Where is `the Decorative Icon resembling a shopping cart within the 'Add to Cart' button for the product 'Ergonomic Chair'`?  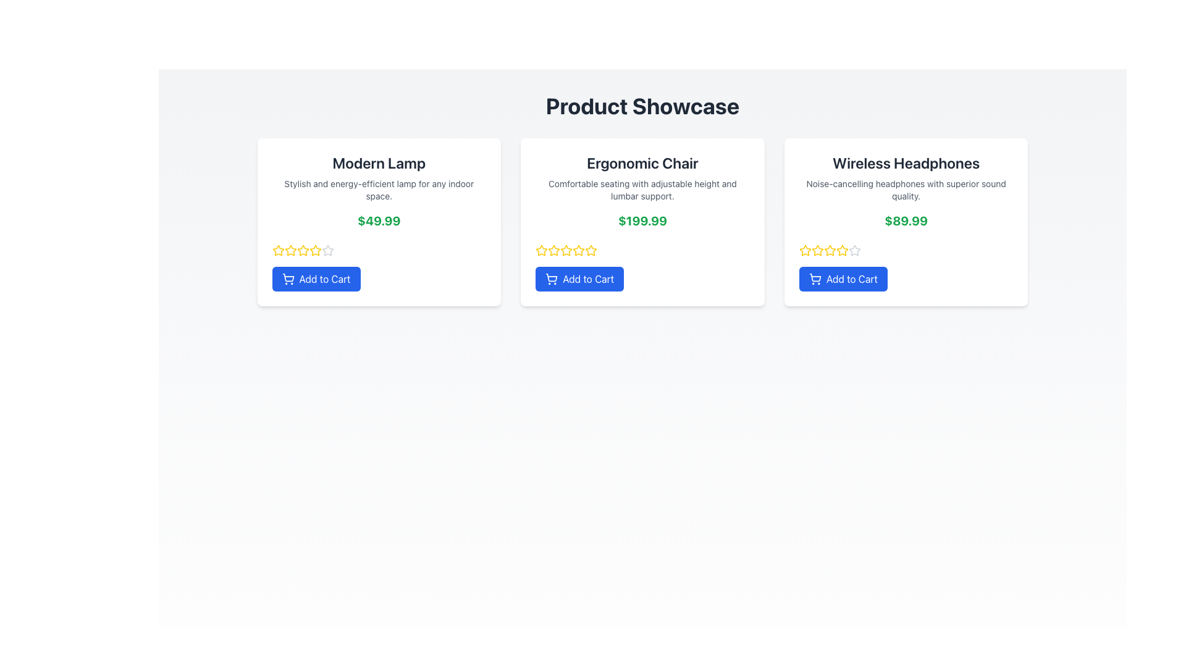 the Decorative Icon resembling a shopping cart within the 'Add to Cart' button for the product 'Ergonomic Chair' is located at coordinates (551, 277).